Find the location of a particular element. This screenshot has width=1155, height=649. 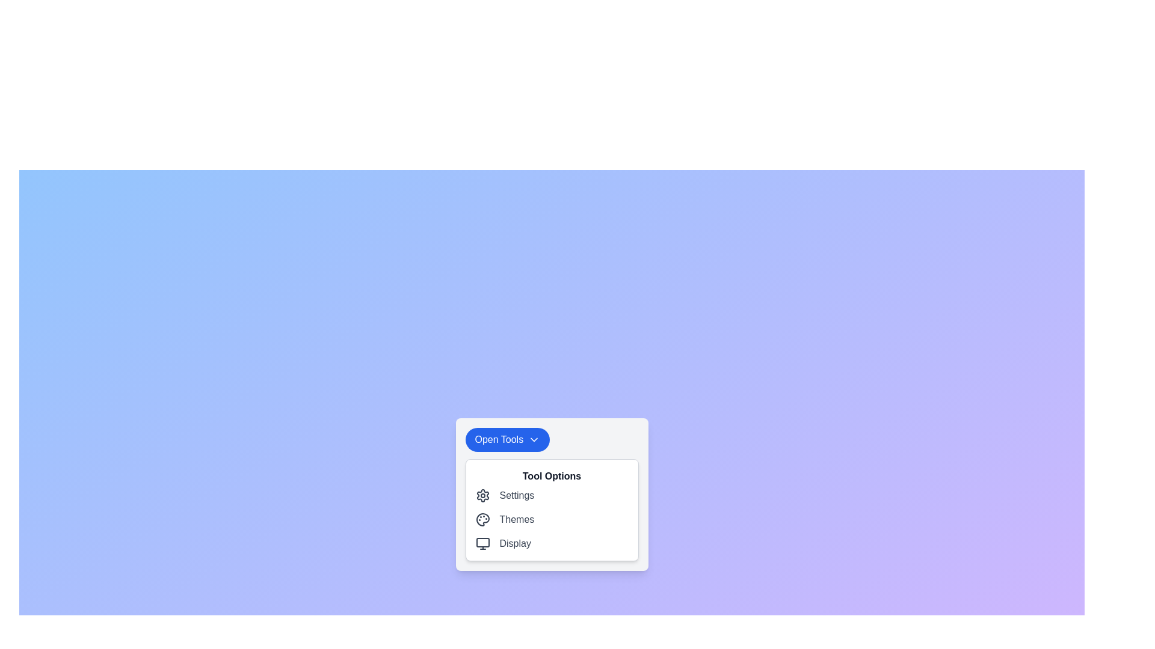

the 'Display' label text element, which is styled in gray and located at the bottom of the 'Tool Options' group in the pop-up menu is located at coordinates (515, 544).